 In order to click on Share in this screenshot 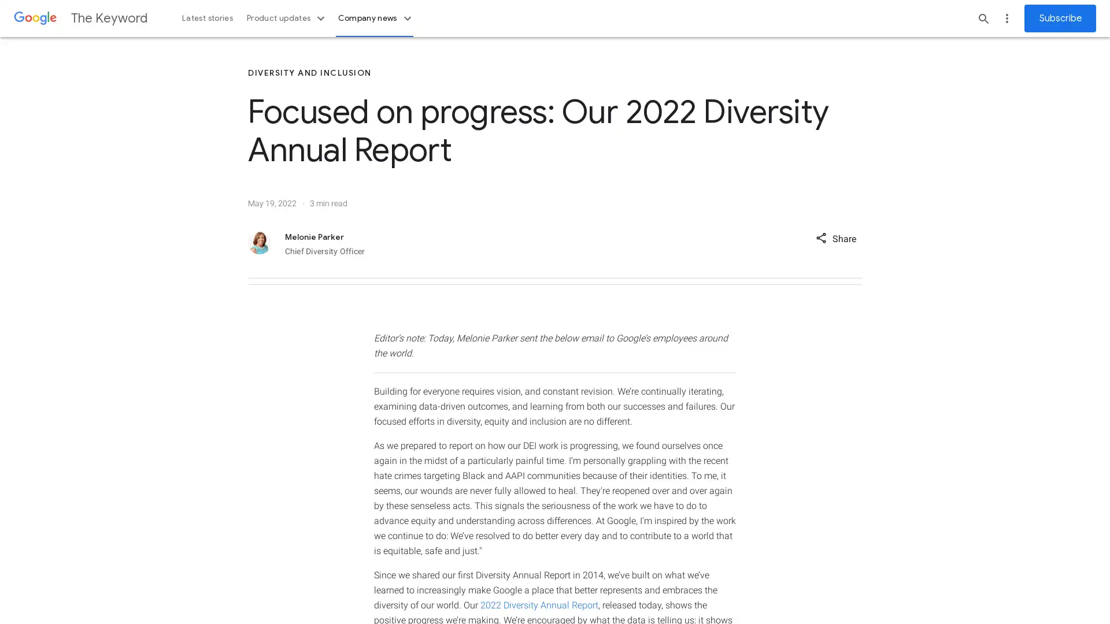, I will do `click(835, 237)`.